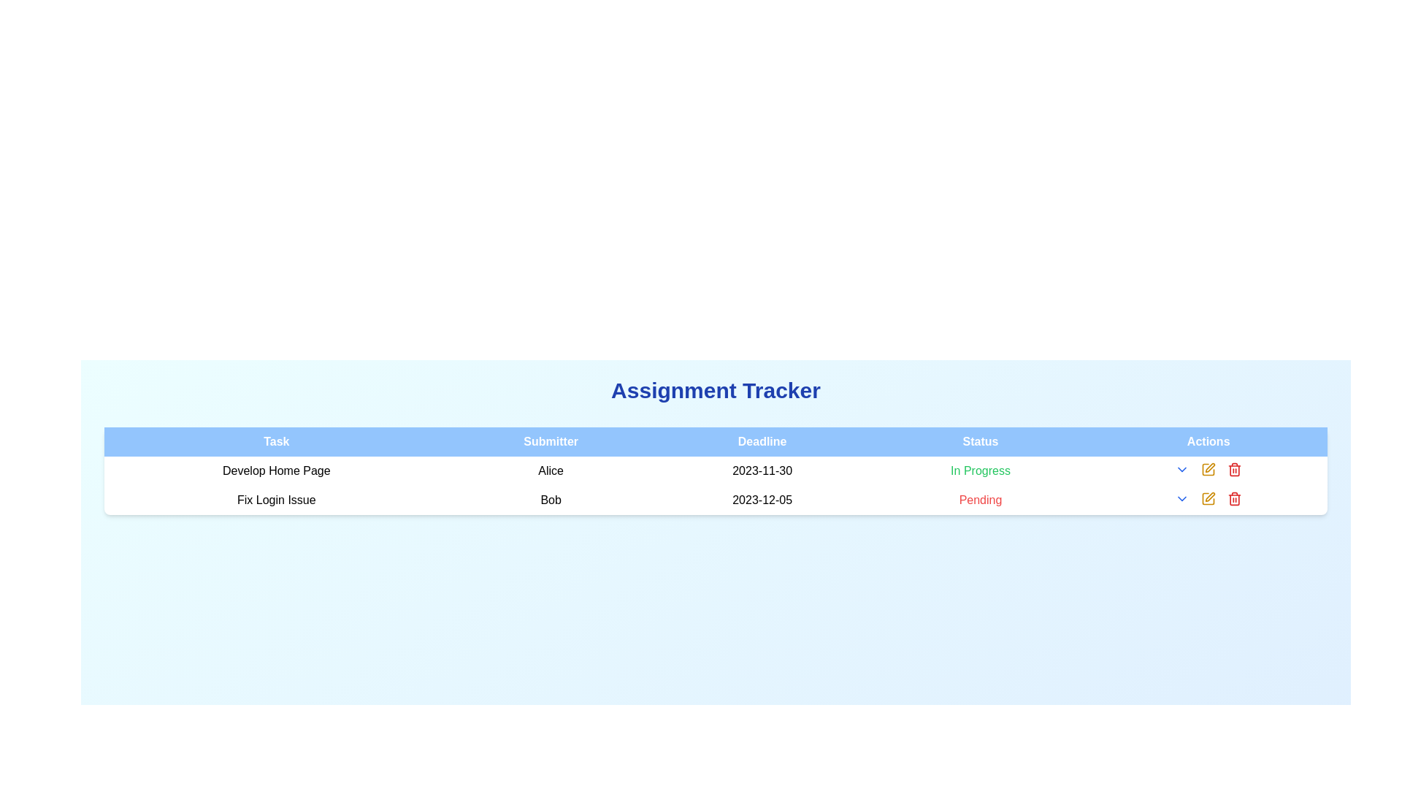 The height and width of the screenshot is (789, 1402). What do you see at coordinates (981, 470) in the screenshot?
I see `text label styled in green and bold that displays 'In Progress', located in the 'Status' column of the table row for the task 'Develop Home Page'` at bounding box center [981, 470].